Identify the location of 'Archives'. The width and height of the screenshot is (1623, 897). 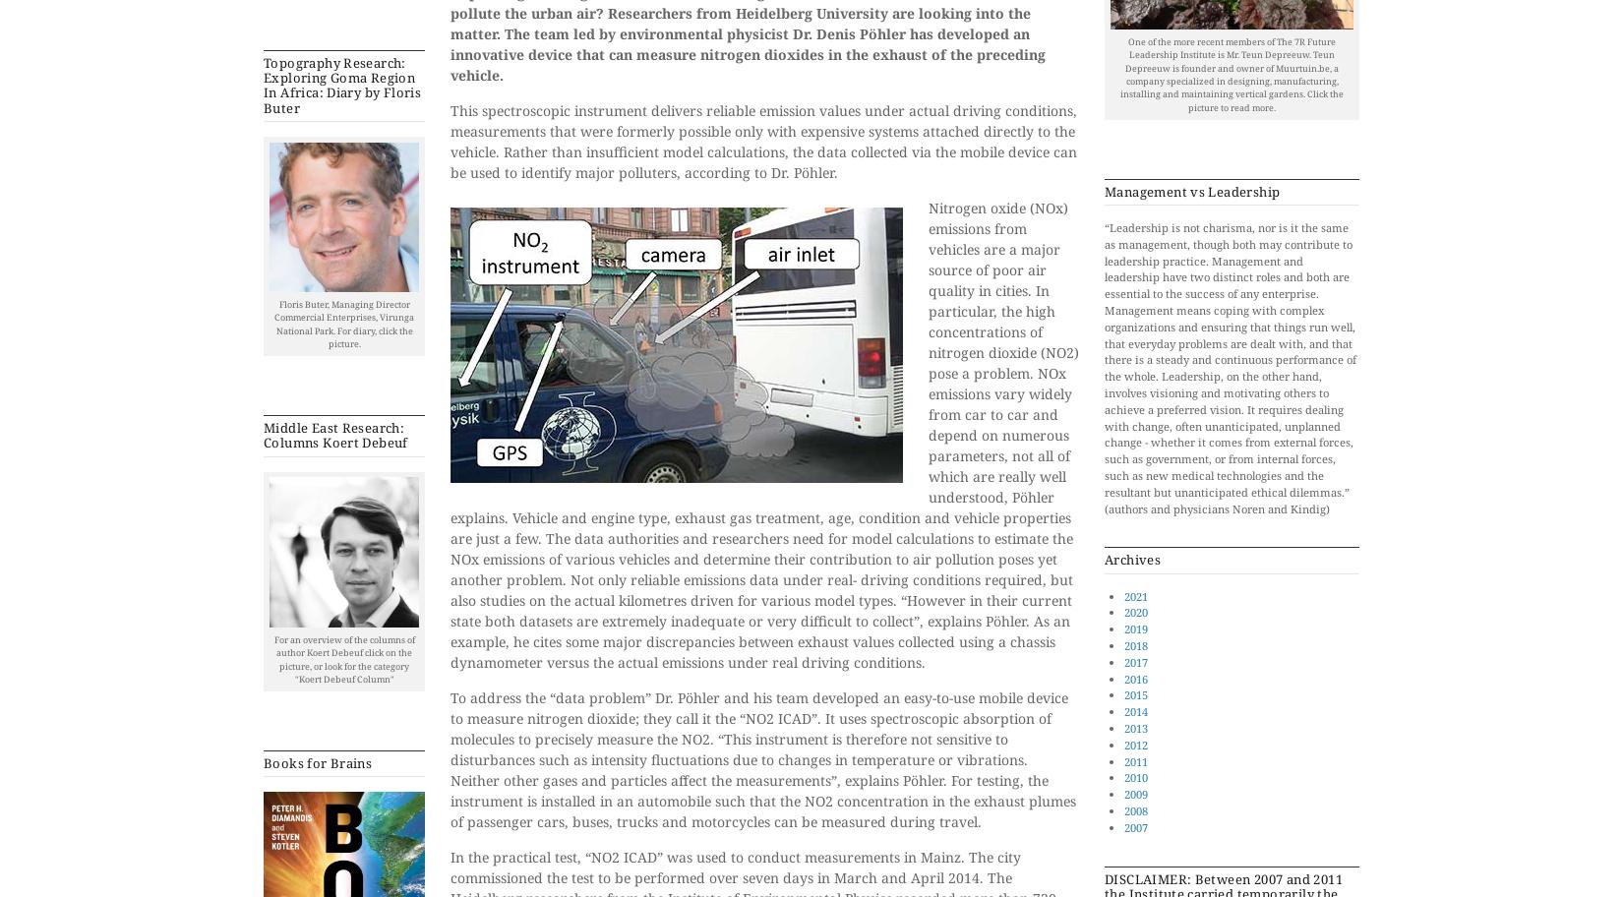
(1132, 559).